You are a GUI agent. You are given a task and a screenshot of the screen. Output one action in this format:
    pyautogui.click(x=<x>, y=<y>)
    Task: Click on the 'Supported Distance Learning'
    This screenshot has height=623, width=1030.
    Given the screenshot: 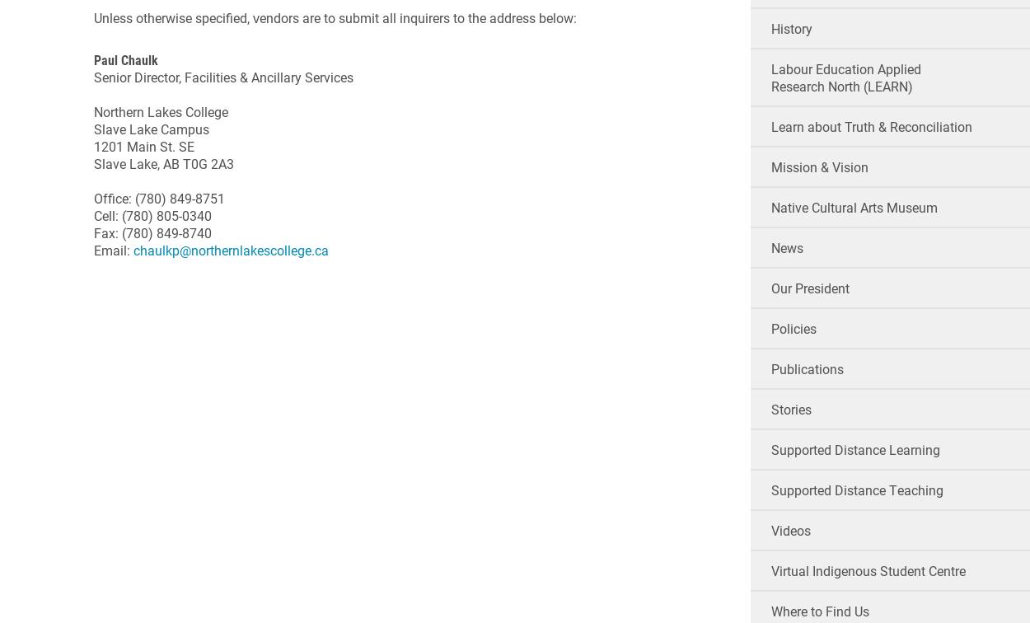 What is the action you would take?
    pyautogui.click(x=854, y=449)
    